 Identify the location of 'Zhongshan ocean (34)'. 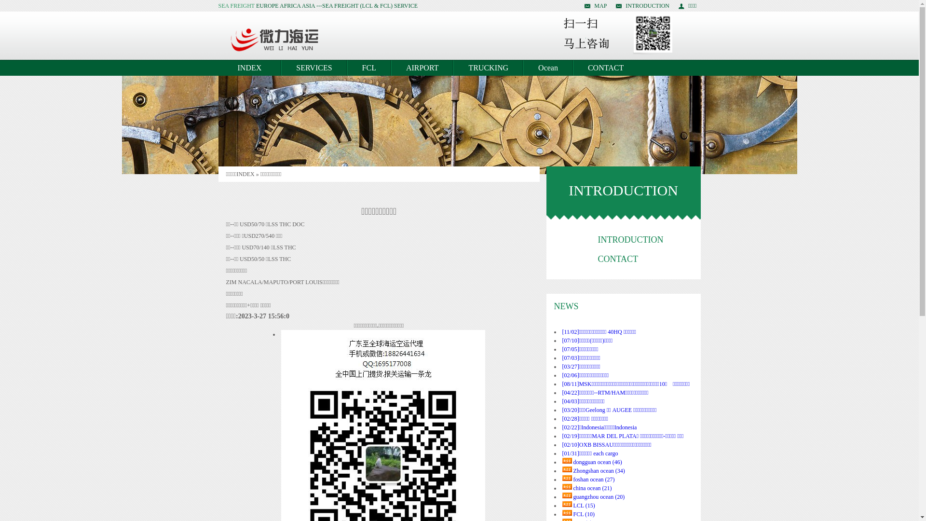
(573, 470).